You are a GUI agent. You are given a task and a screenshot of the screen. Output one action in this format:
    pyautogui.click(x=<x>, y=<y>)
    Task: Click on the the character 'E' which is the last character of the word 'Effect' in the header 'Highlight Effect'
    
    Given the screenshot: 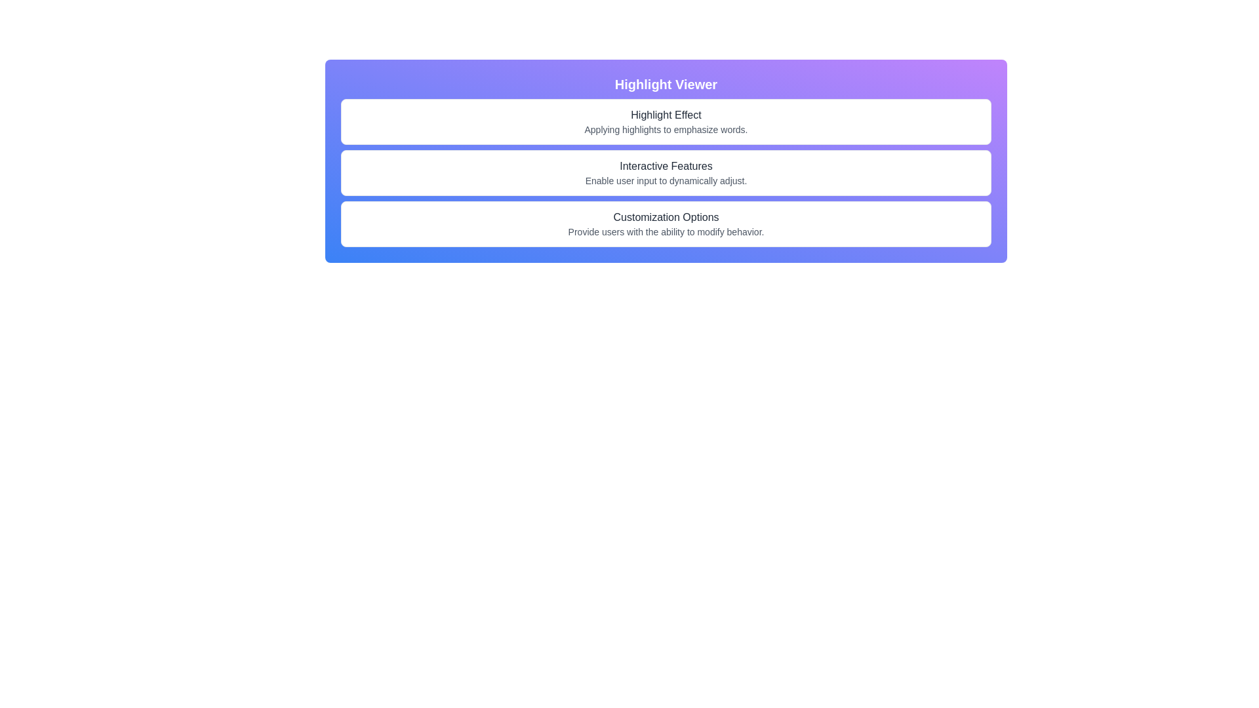 What is the action you would take?
    pyautogui.click(x=678, y=114)
    